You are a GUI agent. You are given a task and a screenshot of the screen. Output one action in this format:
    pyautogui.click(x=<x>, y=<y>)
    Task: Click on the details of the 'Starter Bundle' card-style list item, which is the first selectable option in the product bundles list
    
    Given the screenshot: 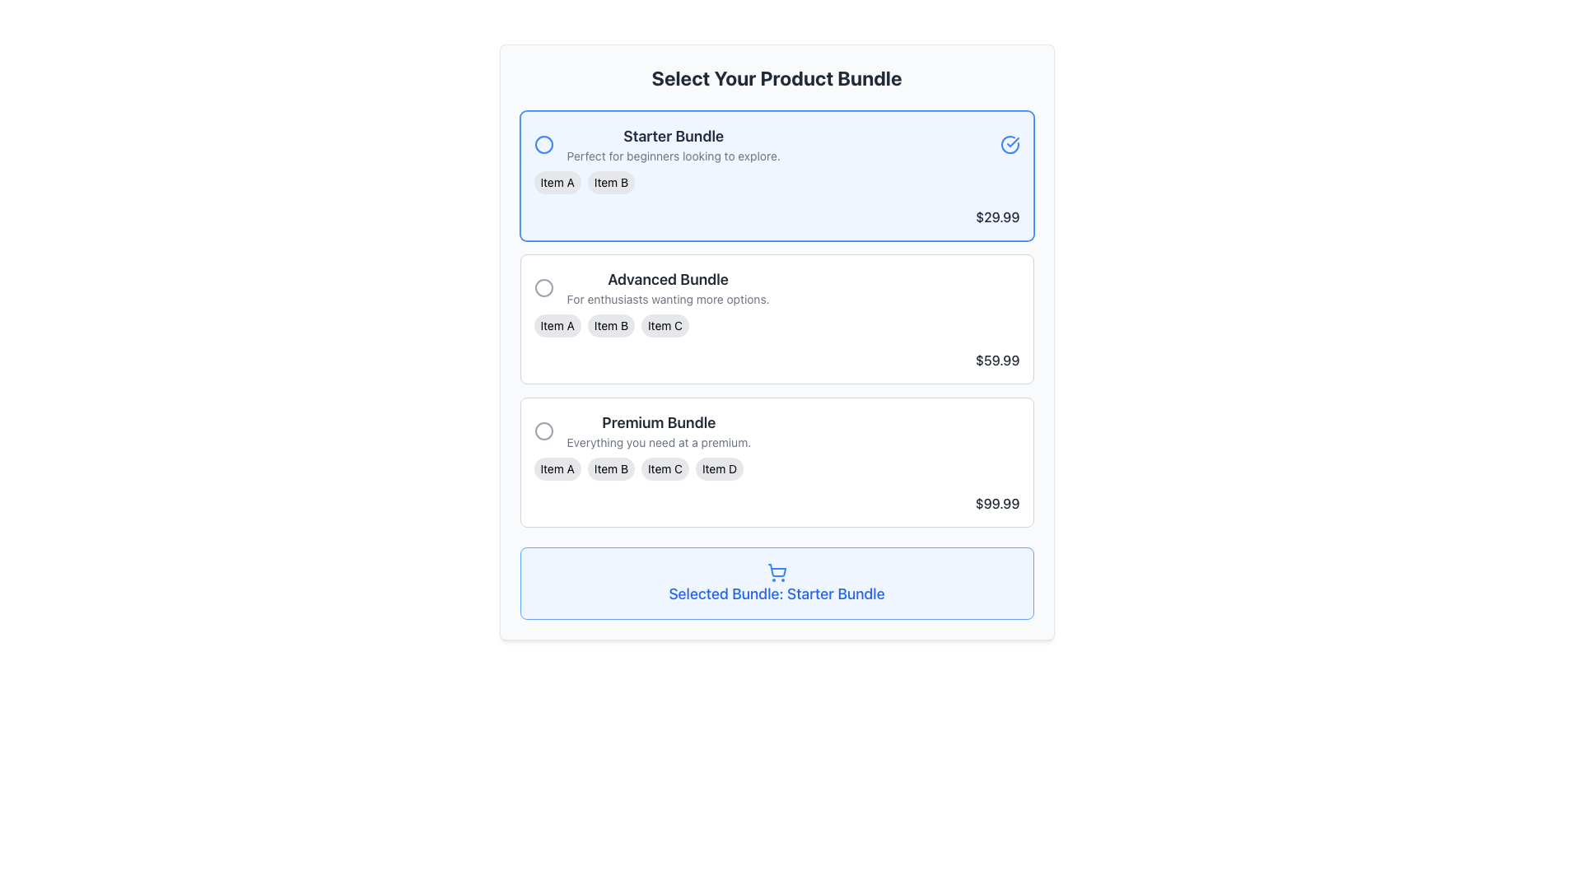 What is the action you would take?
    pyautogui.click(x=776, y=175)
    